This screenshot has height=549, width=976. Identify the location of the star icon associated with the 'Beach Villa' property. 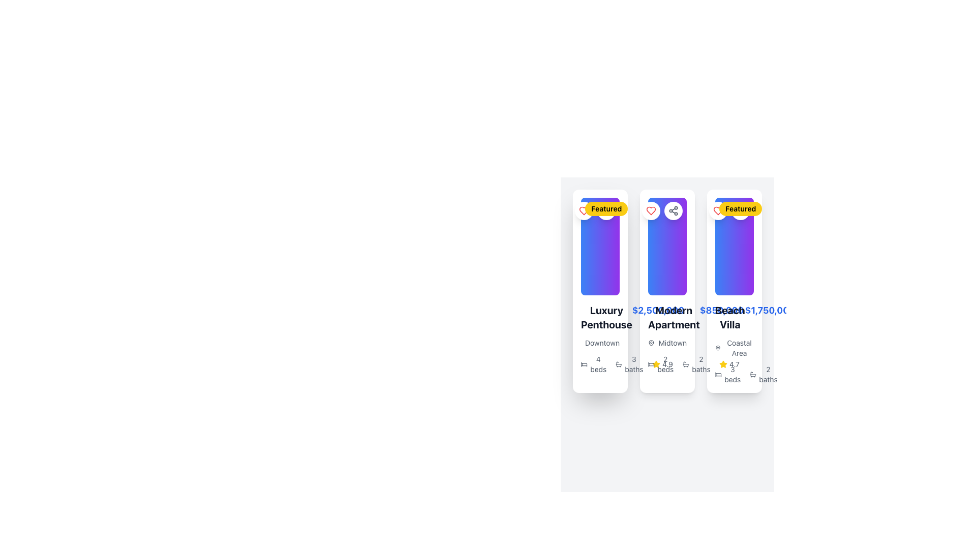
(723, 363).